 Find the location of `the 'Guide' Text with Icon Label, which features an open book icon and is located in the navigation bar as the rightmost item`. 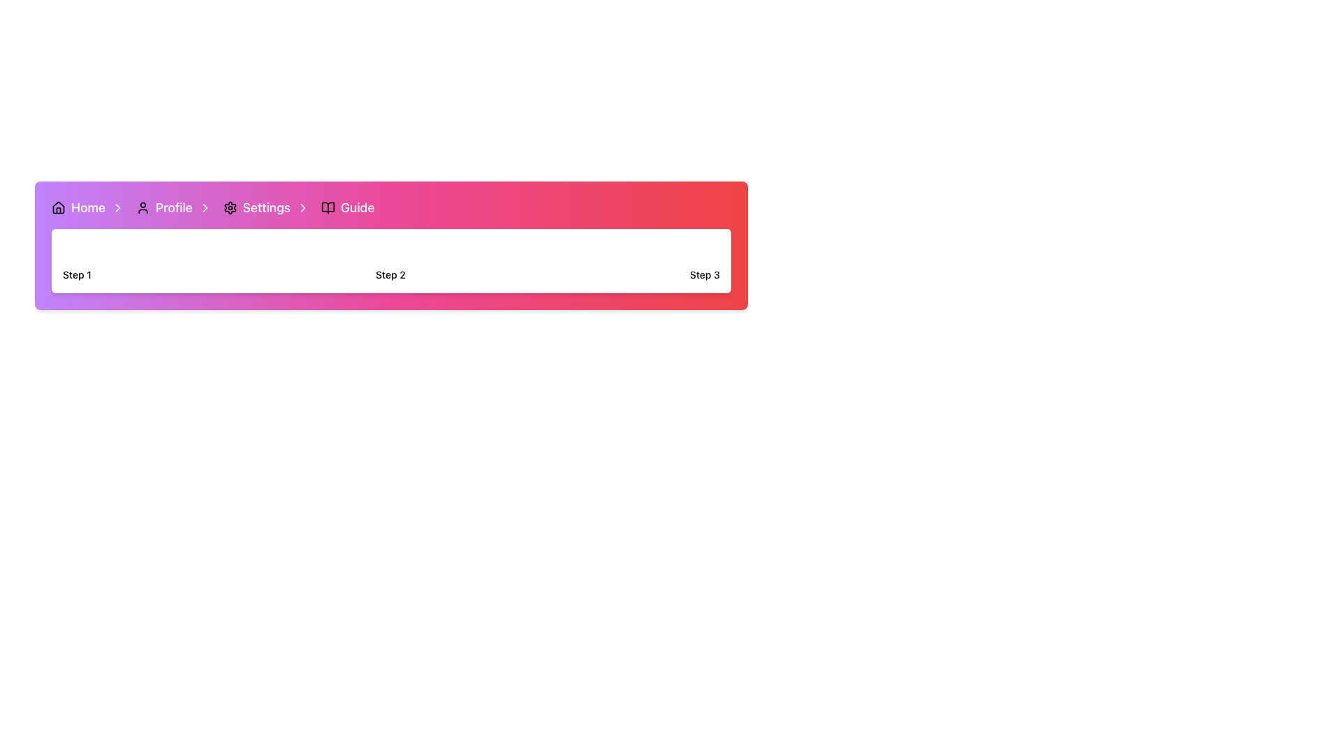

the 'Guide' Text with Icon Label, which features an open book icon and is located in the navigation bar as the rightmost item is located at coordinates (348, 207).